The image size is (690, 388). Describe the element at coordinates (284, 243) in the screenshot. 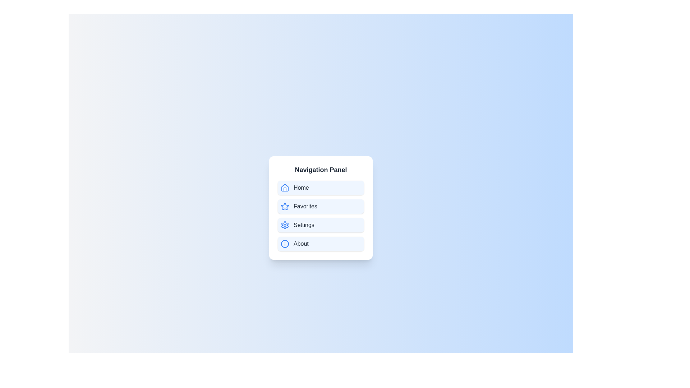

I see `the blue circular outline with a white-filled center, which is positioned within the 'info' icon next to the 'About' text in the navigation panel` at that location.